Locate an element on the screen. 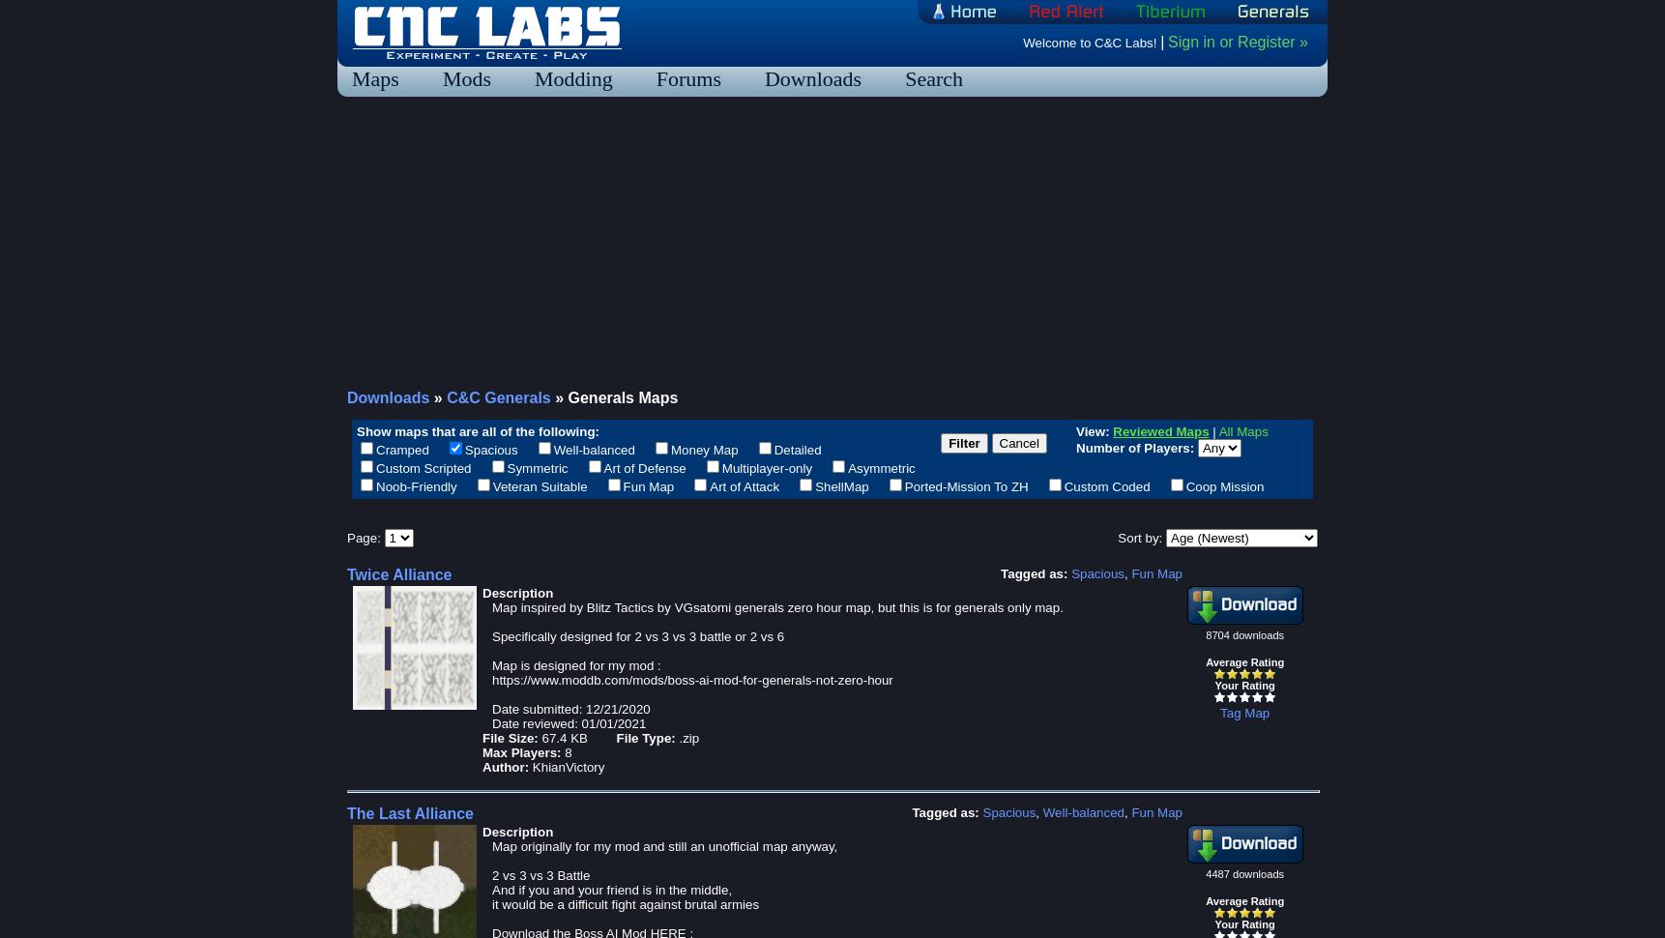 This screenshot has width=1665, height=938. 'Art of Attack' is located at coordinates (745, 485).